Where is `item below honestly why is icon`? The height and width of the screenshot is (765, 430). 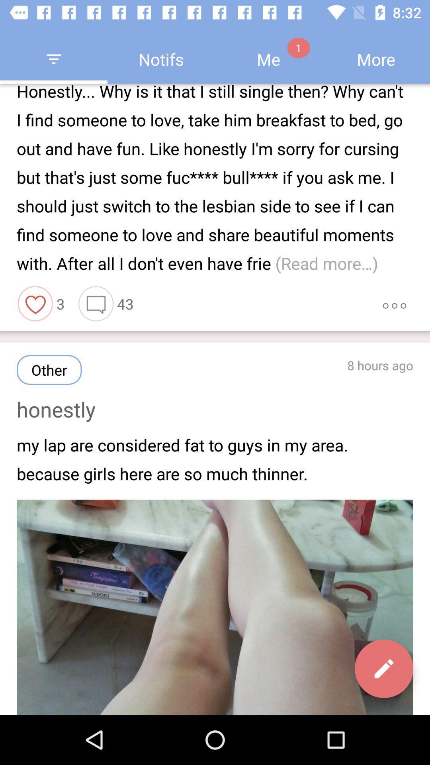 item below honestly why is icon is located at coordinates (96, 303).